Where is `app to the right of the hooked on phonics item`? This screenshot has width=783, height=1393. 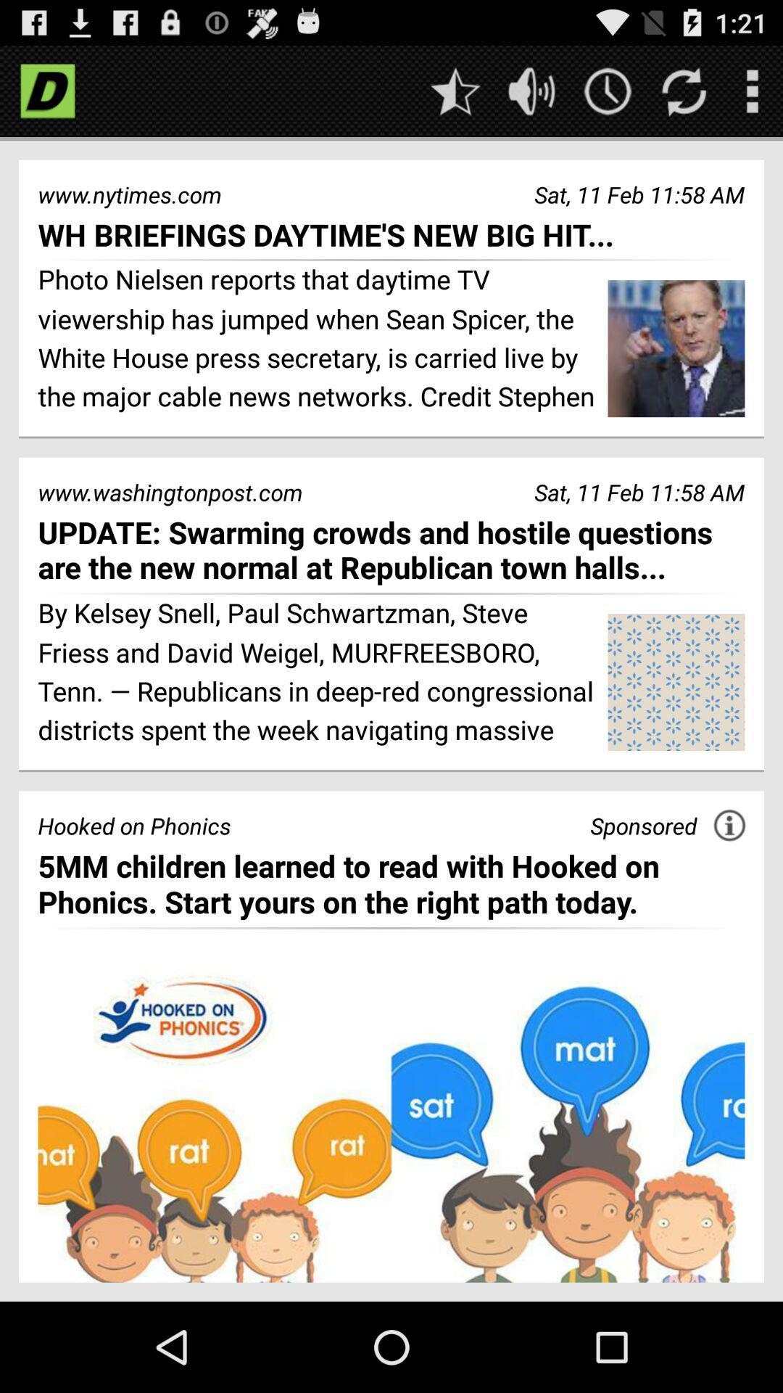 app to the right of the hooked on phonics item is located at coordinates (642, 826).